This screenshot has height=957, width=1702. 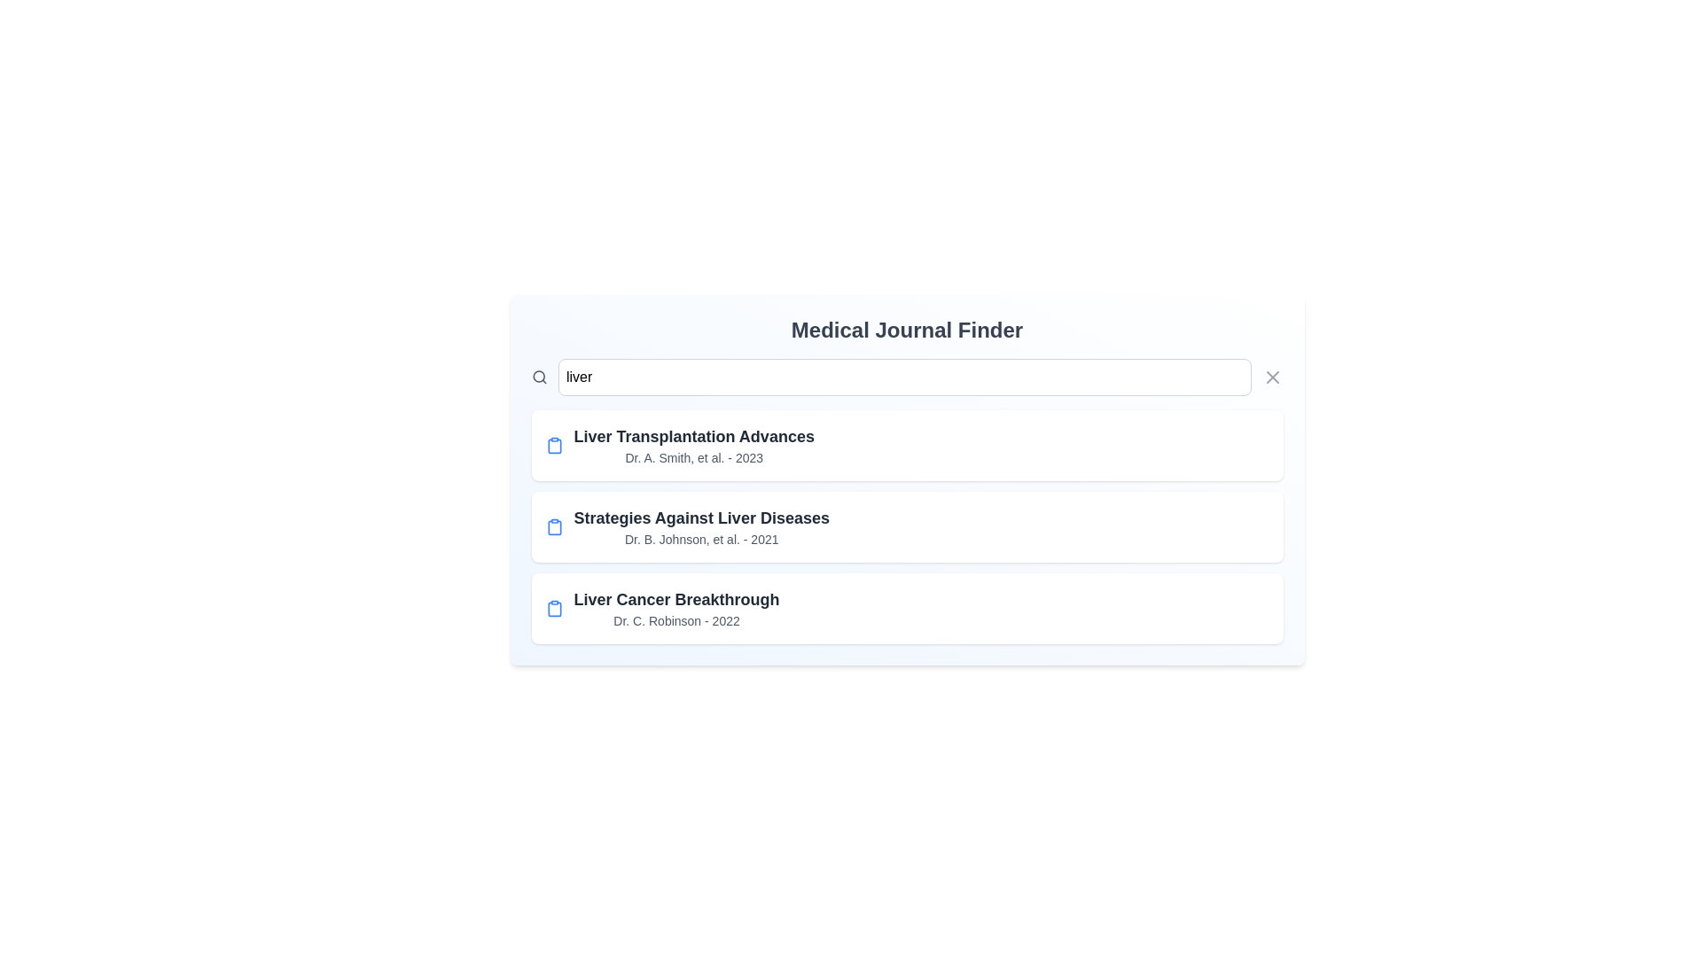 I want to click on the journal details page by clicking on the text block titled 'Strategies Against Liver Diseases', which is the second entry in the Medical Journal Finder list, so click(x=700, y=525).